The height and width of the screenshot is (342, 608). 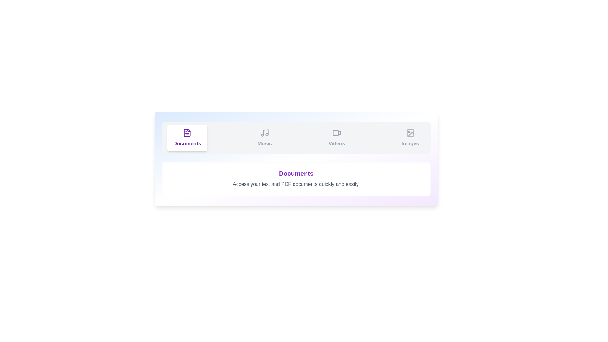 What do you see at coordinates (264, 137) in the screenshot?
I see `the tab labeled Music to view its content` at bounding box center [264, 137].